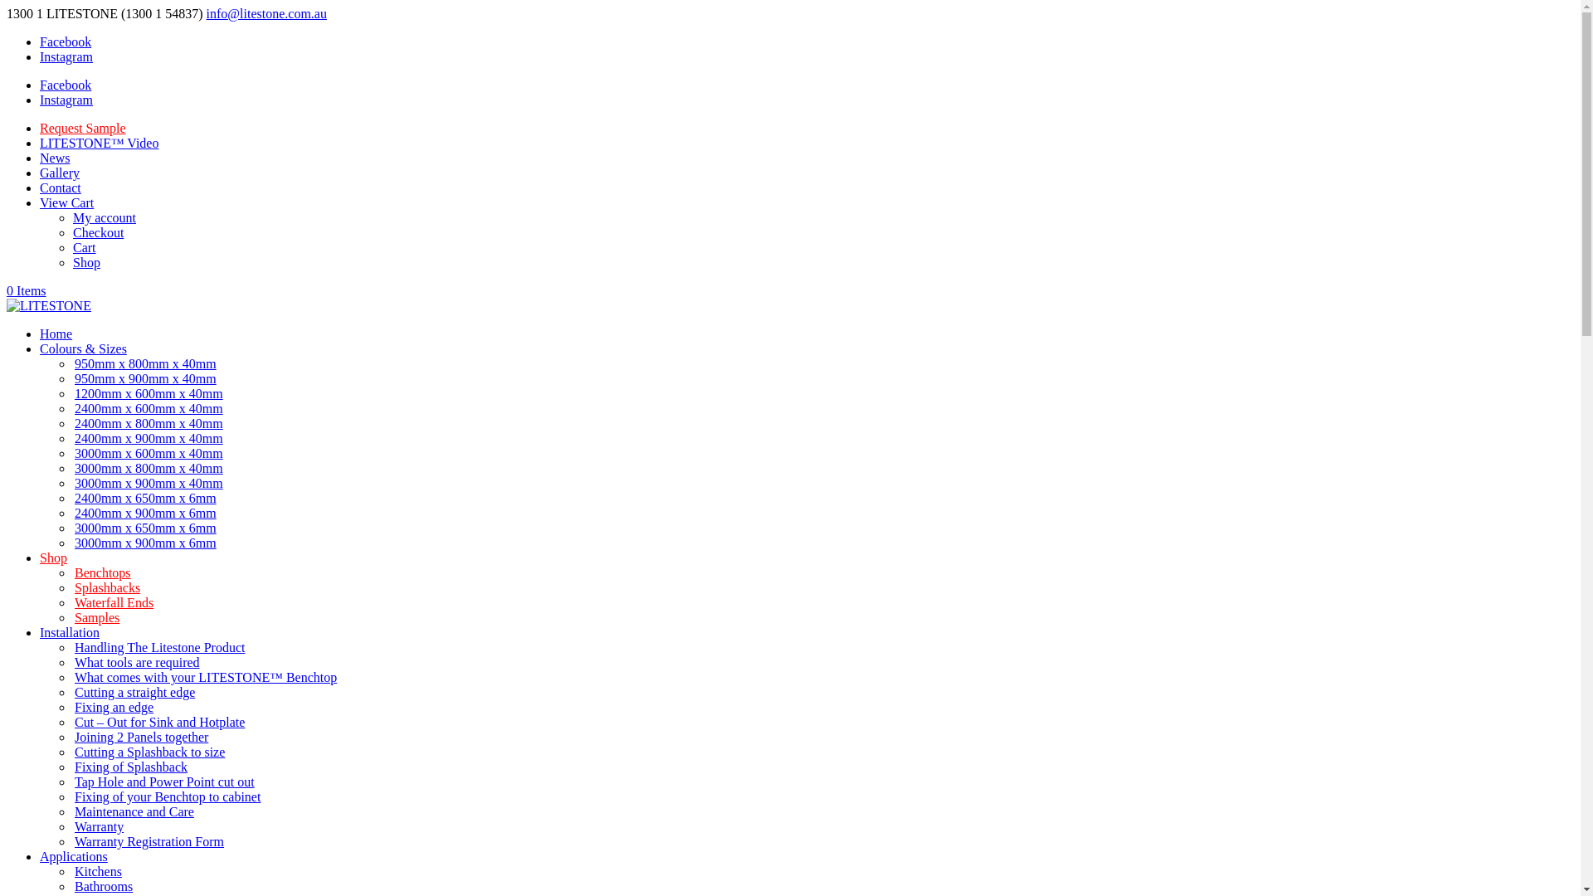  Describe the element at coordinates (149, 752) in the screenshot. I see `'Cutting a Splashback to size'` at that location.